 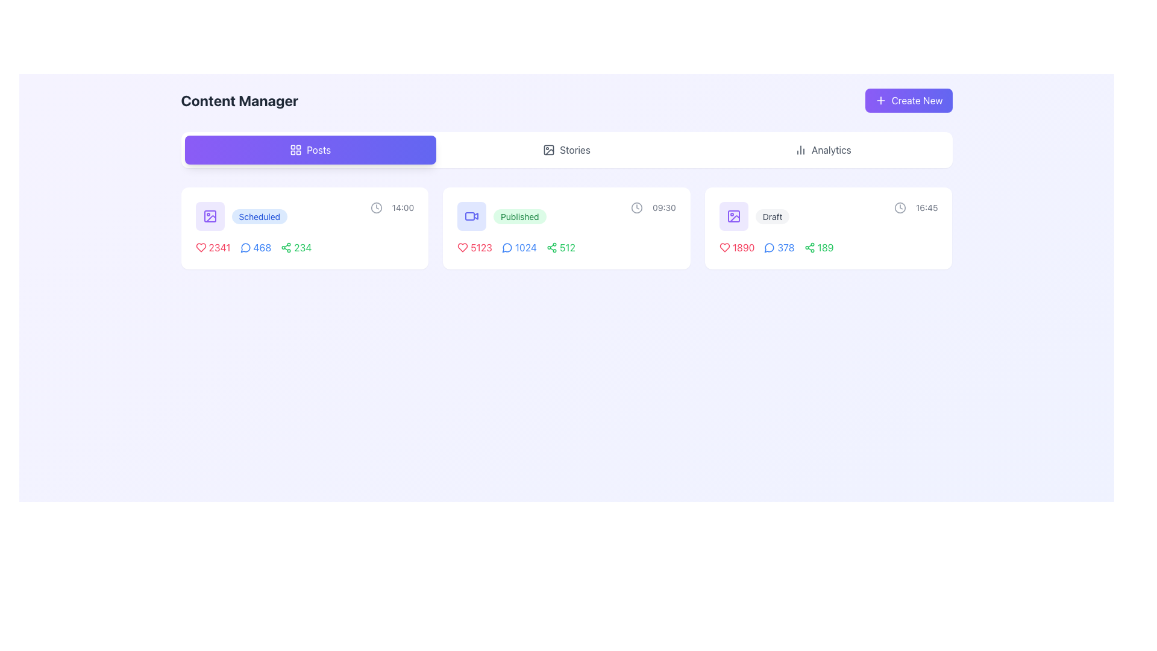 What do you see at coordinates (255, 247) in the screenshot?
I see `displayed information from the composite UI element showing the number '468' next to a speech bubble icon, located in the center area of the card under the 'Posts' section` at bounding box center [255, 247].